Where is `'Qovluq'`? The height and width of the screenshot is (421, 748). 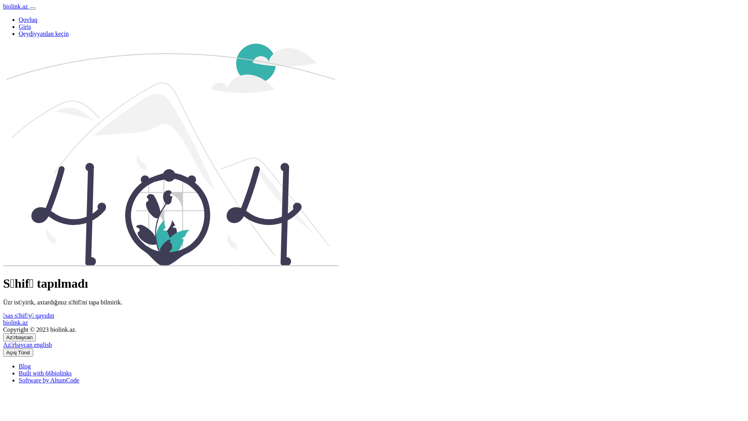 'Qovluq' is located at coordinates (28, 19).